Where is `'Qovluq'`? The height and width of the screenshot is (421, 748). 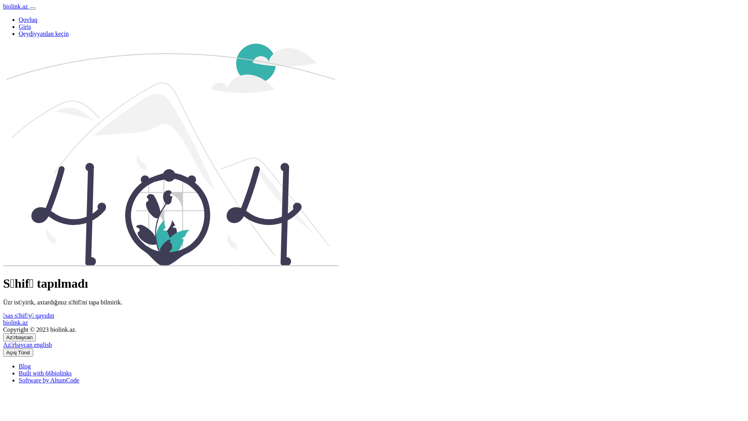 'Qovluq' is located at coordinates (28, 19).